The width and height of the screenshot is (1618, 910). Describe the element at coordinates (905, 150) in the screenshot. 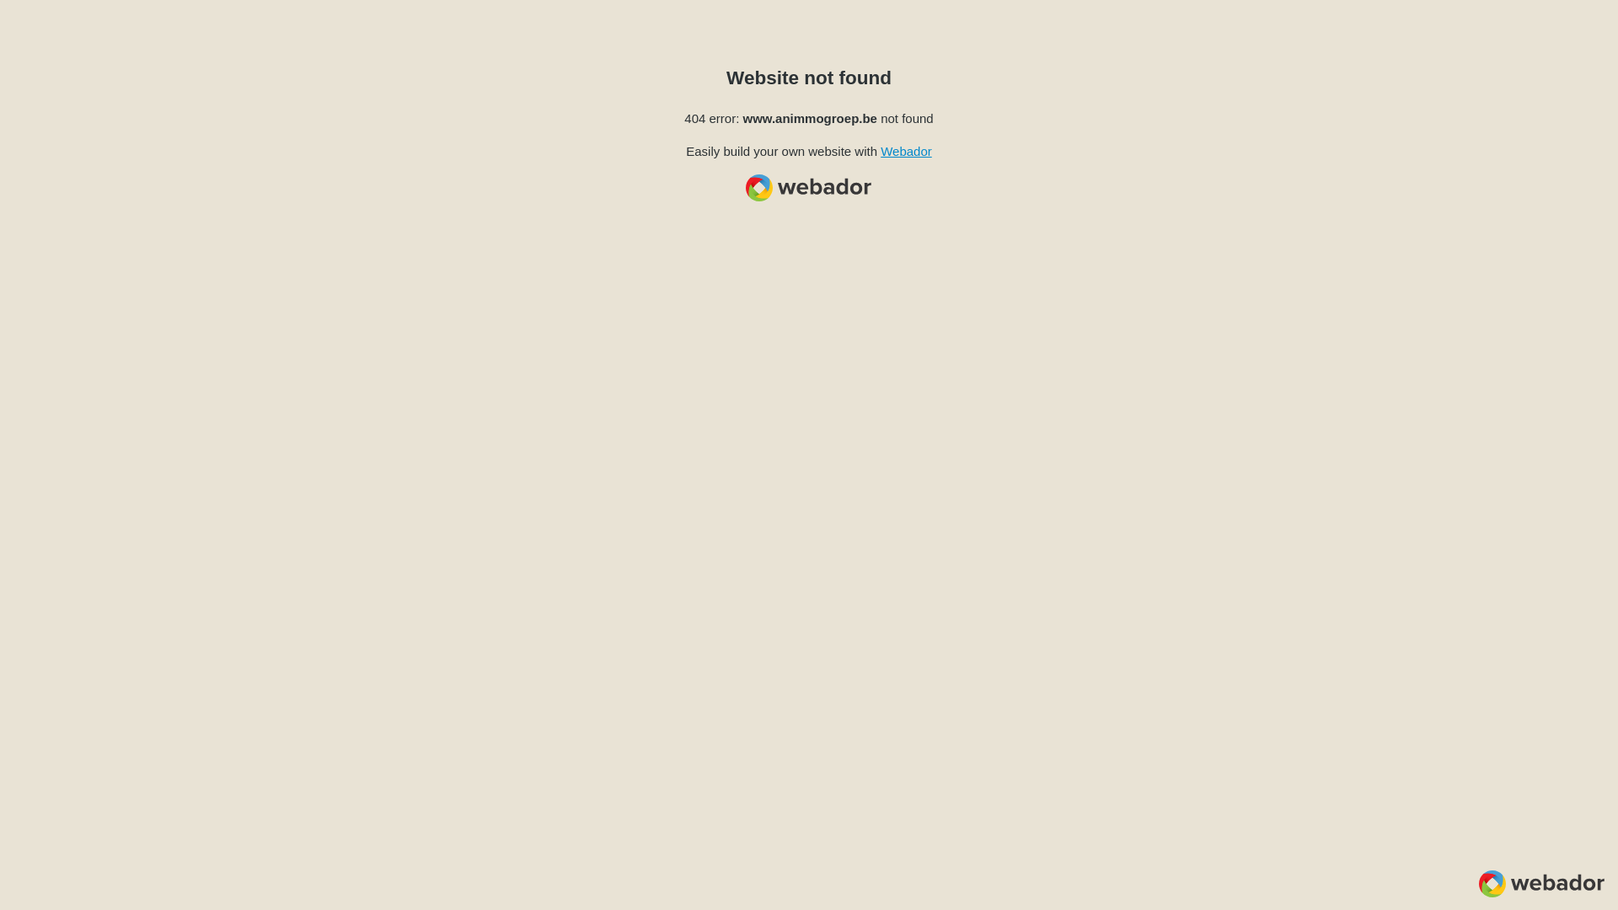

I see `'Webador'` at that location.